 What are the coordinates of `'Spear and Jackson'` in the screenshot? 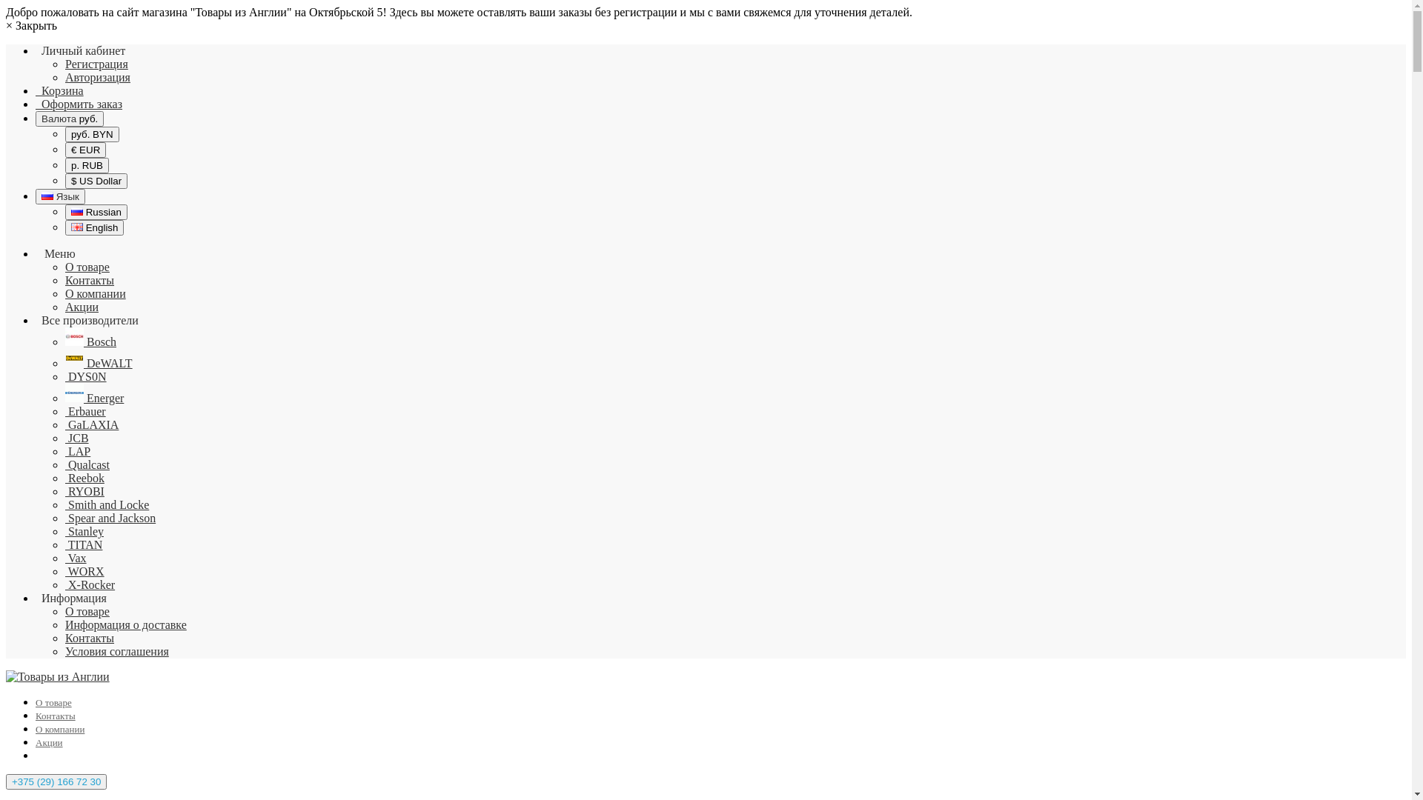 It's located at (64, 517).